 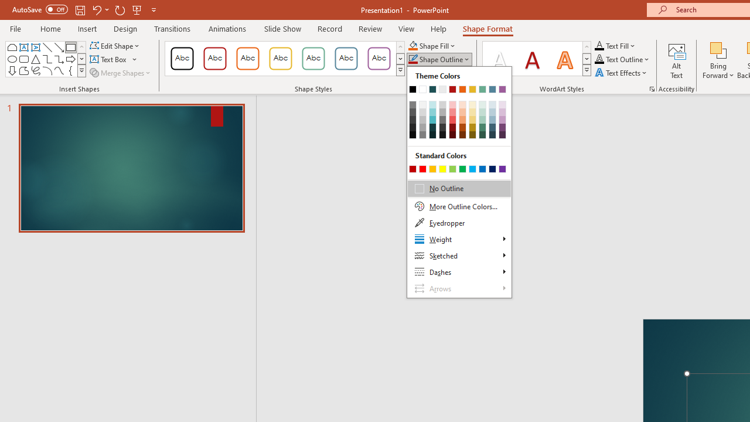 What do you see at coordinates (621, 73) in the screenshot?
I see `'Text Effects'` at bounding box center [621, 73].